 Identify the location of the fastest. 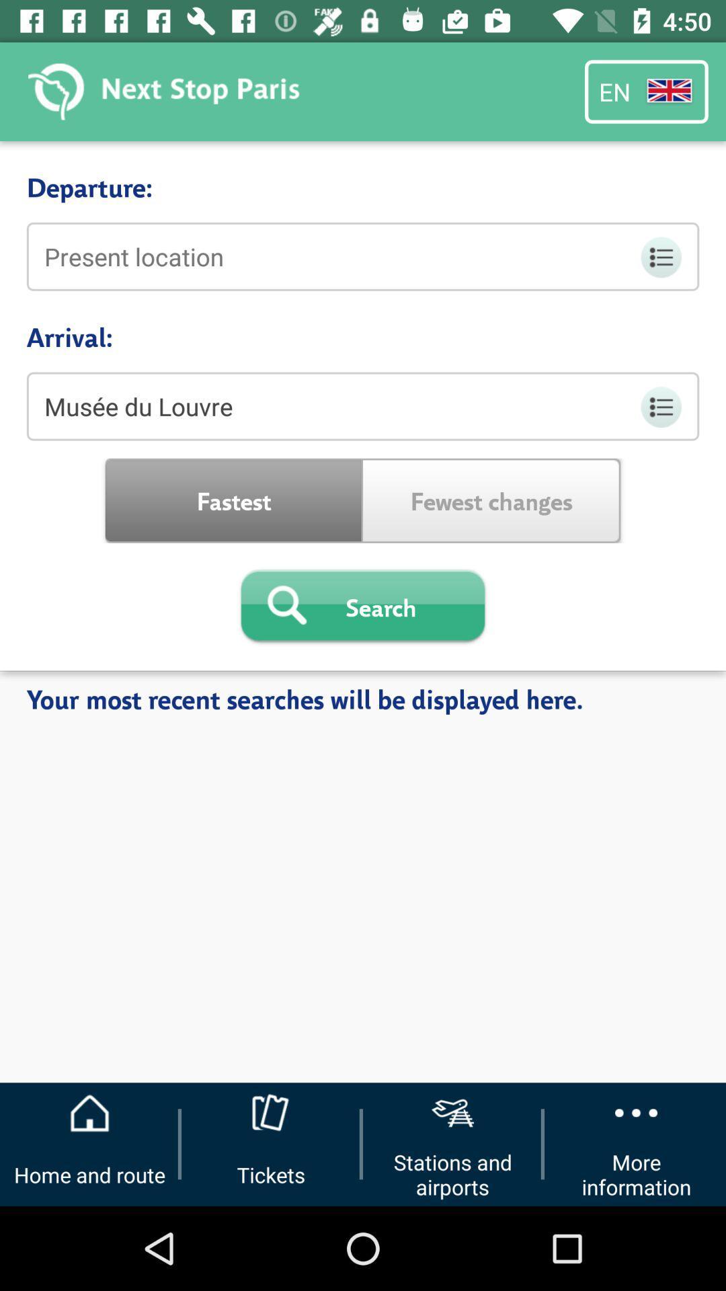
(233, 500).